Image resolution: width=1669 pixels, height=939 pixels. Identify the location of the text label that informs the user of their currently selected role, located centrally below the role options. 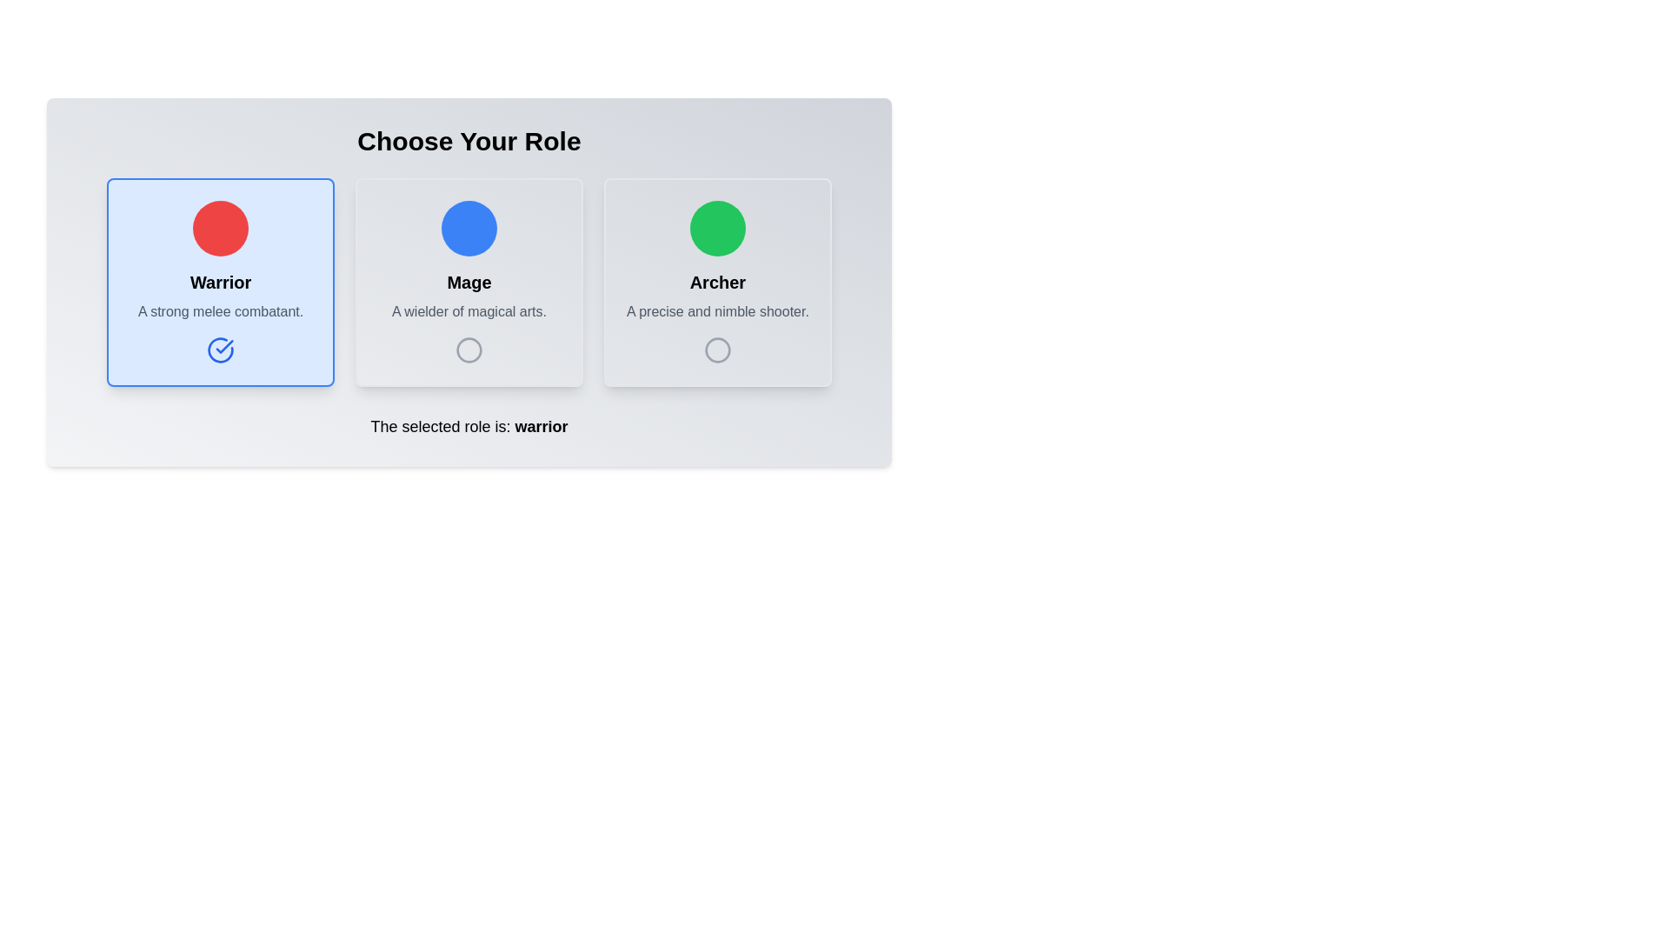
(469, 426).